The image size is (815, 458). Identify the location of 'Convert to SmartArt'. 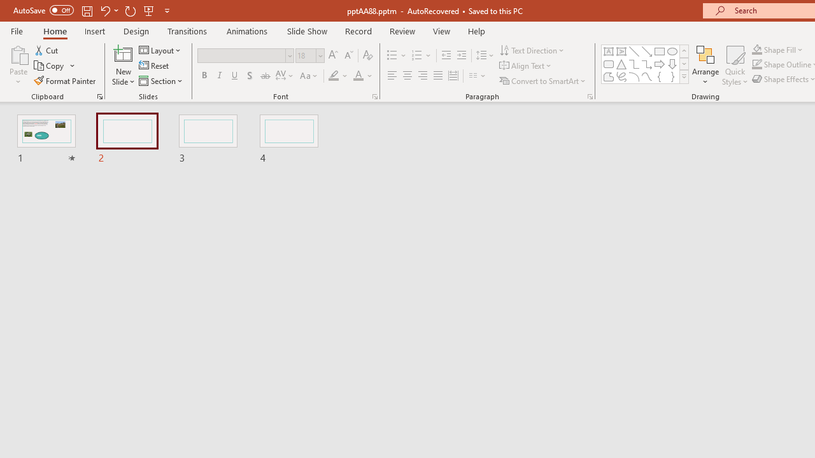
(543, 81).